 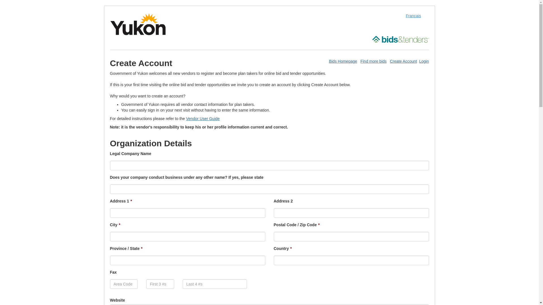 I want to click on 'Open Bids and Tenders site in a new window', so click(x=400, y=39).